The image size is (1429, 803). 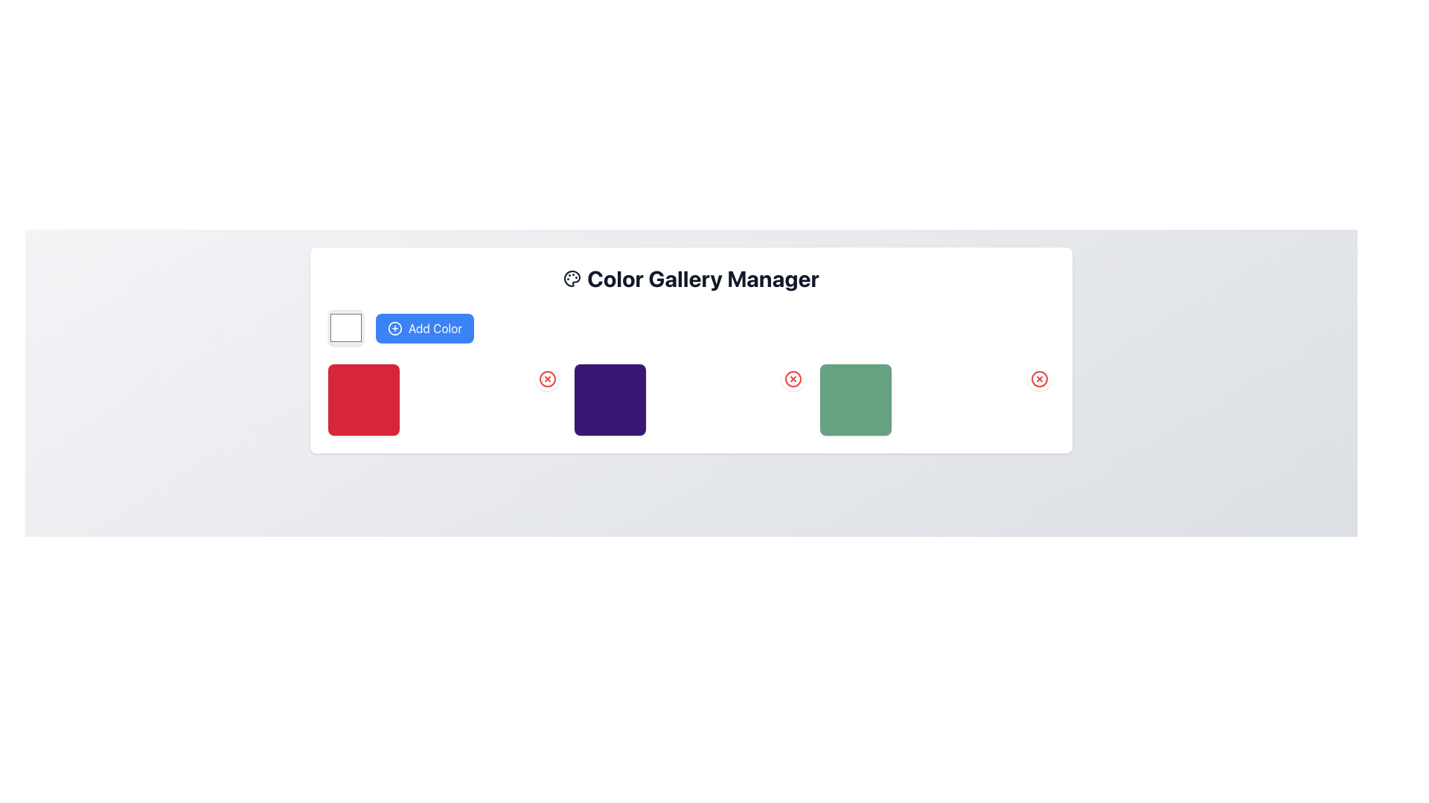 What do you see at coordinates (1038, 378) in the screenshot?
I see `the circular red 'x' button in the top-right corner of the green box` at bounding box center [1038, 378].